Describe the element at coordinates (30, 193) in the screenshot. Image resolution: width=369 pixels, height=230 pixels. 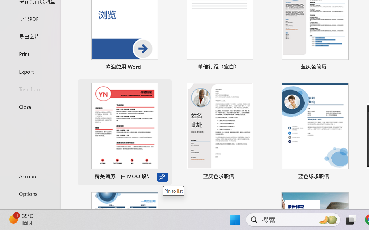
I see `'Options'` at that location.